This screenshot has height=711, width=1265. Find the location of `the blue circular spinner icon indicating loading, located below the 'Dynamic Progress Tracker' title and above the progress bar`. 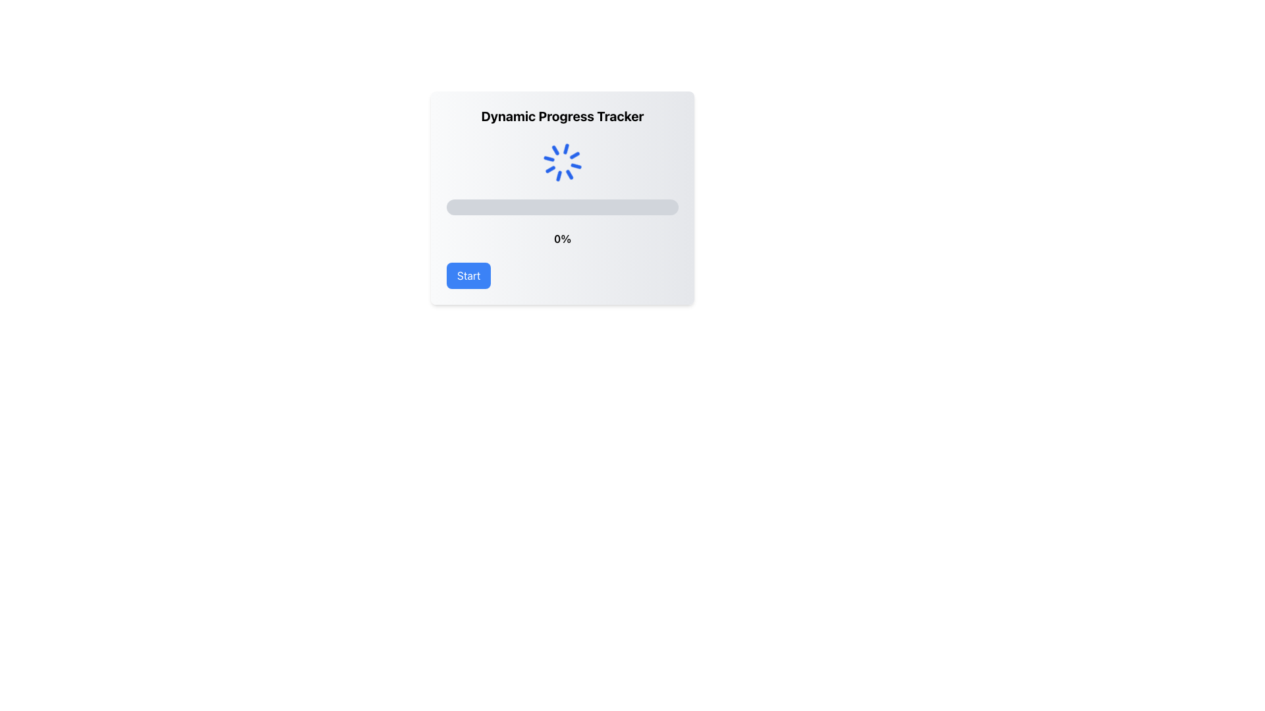

the blue circular spinner icon indicating loading, located below the 'Dynamic Progress Tracker' title and above the progress bar is located at coordinates (563, 161).